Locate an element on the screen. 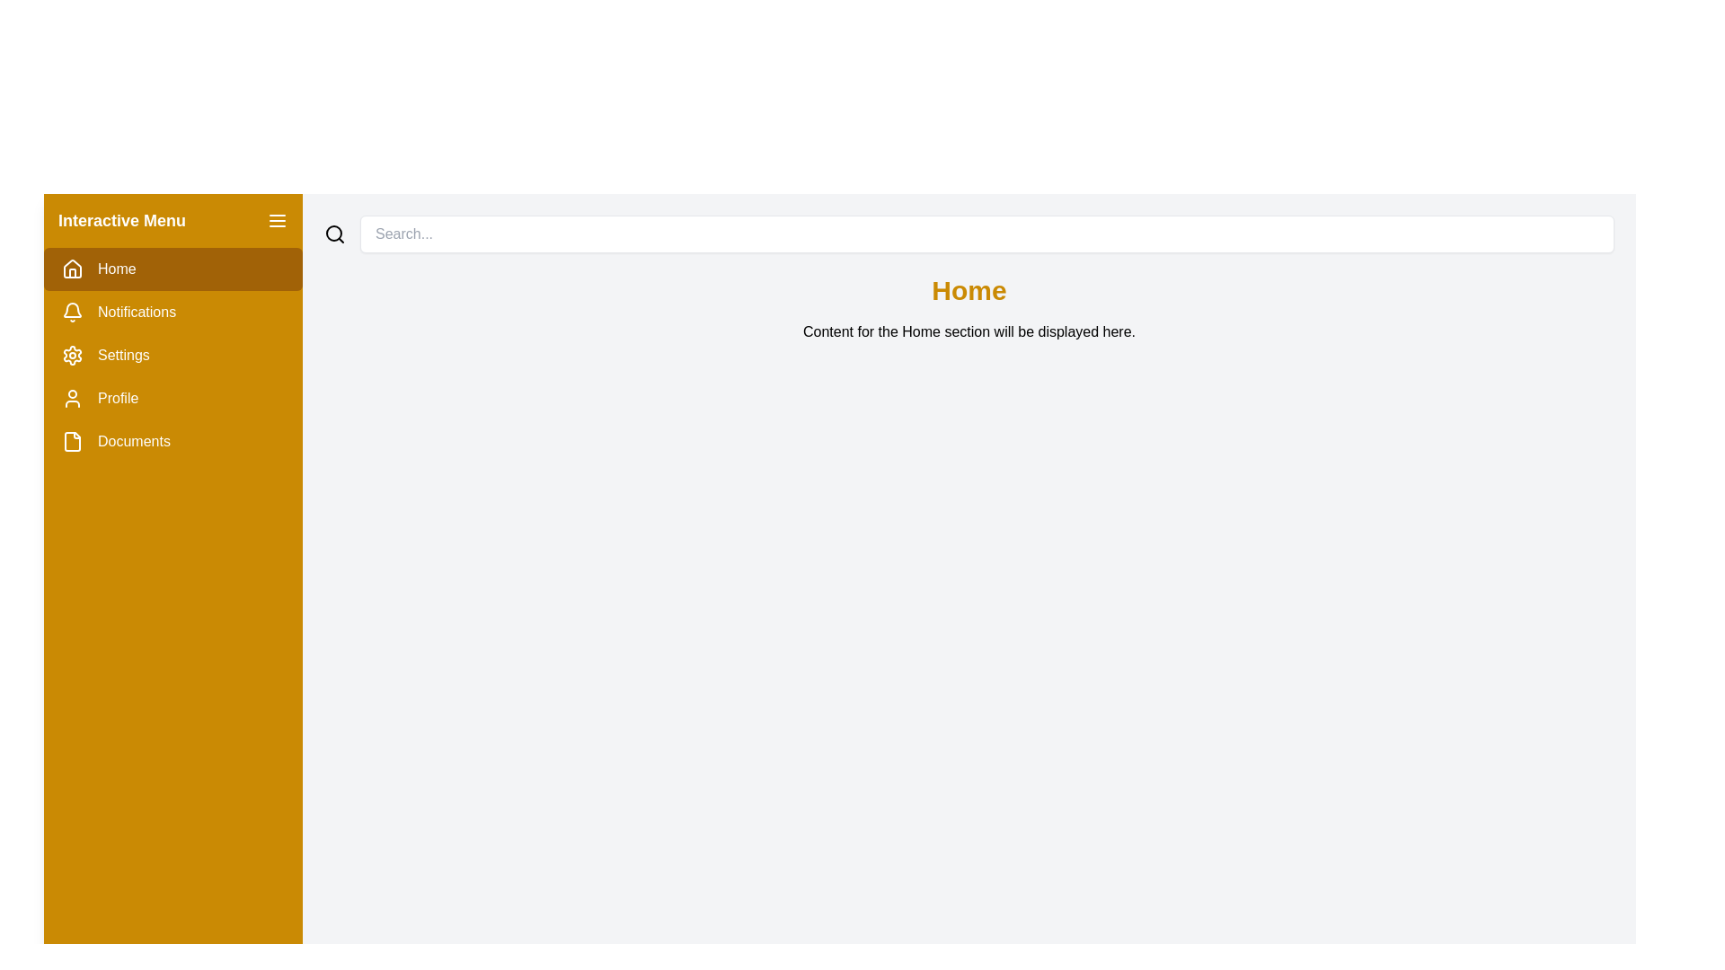 This screenshot has height=970, width=1725. the stylized house icon located in the left-side navigation menu, which represents the 'Home' section of the interface is located at coordinates (72, 269).